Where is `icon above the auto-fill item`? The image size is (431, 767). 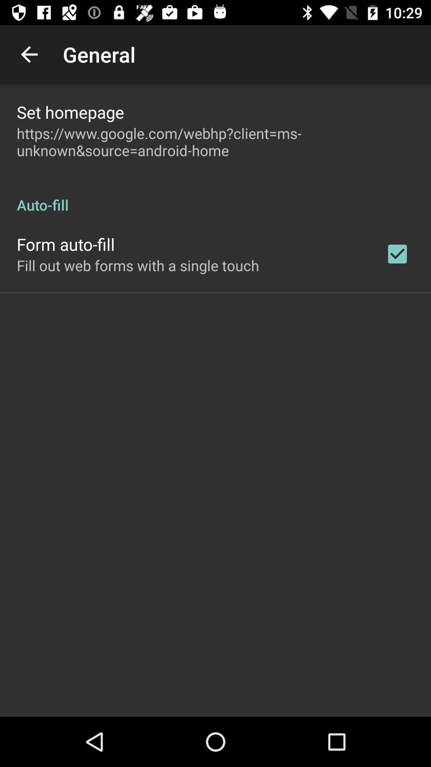
icon above the auto-fill item is located at coordinates (215, 142).